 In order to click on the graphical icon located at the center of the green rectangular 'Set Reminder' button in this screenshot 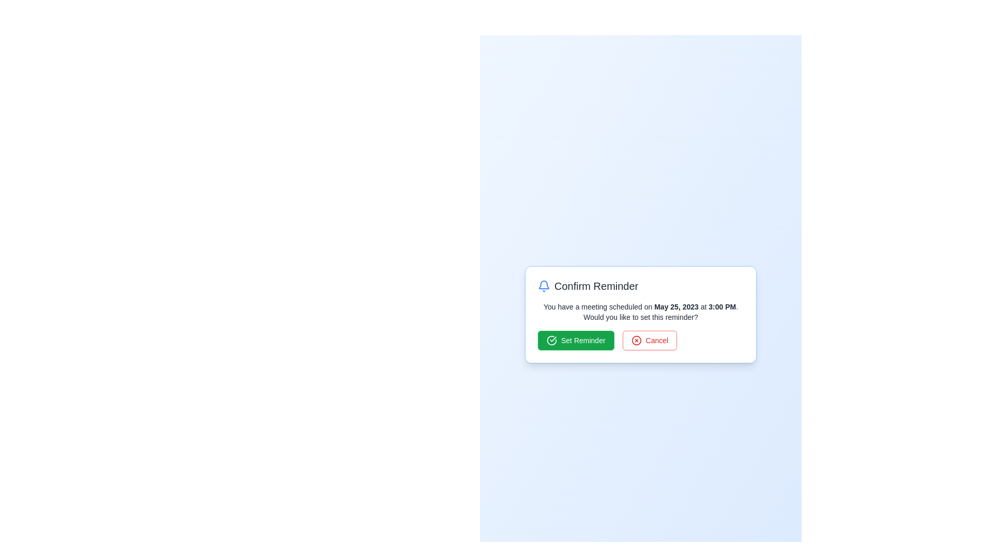, I will do `click(551, 341)`.